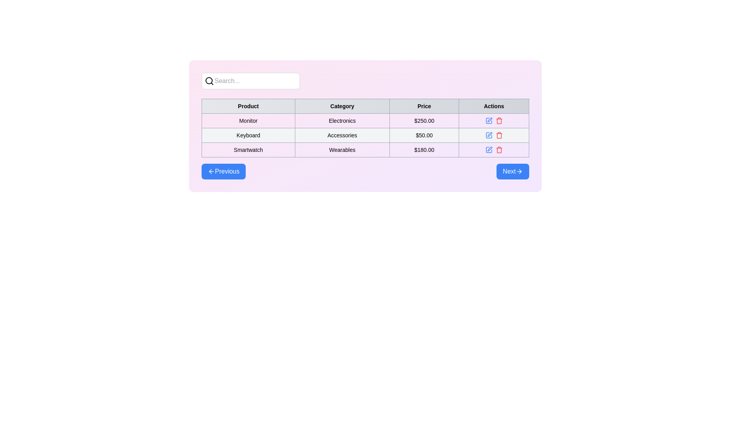 The width and height of the screenshot is (756, 425). I want to click on the red delete icon in the ActionMenu for the Monitor item, so click(493, 121).